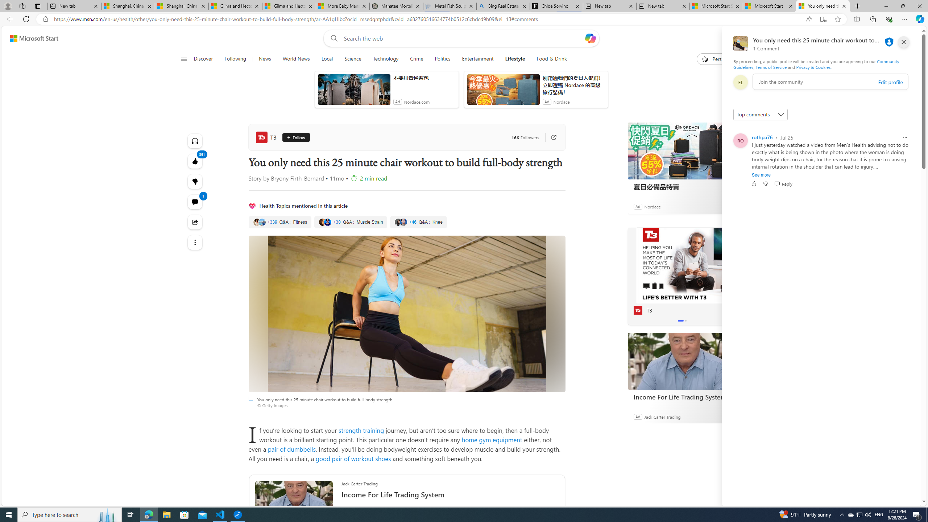 The height and width of the screenshot is (522, 928). I want to click on 'News', so click(264, 59).